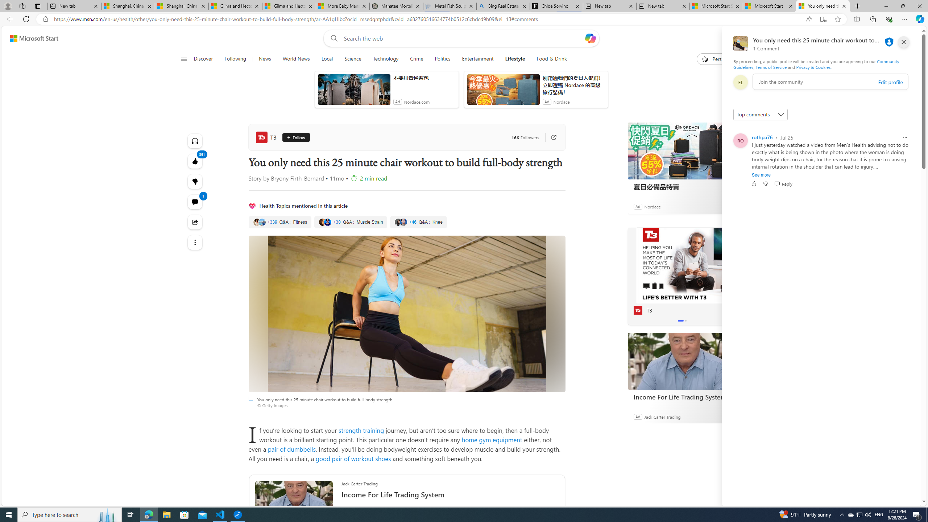 The height and width of the screenshot is (522, 928). I want to click on 'News', so click(264, 59).